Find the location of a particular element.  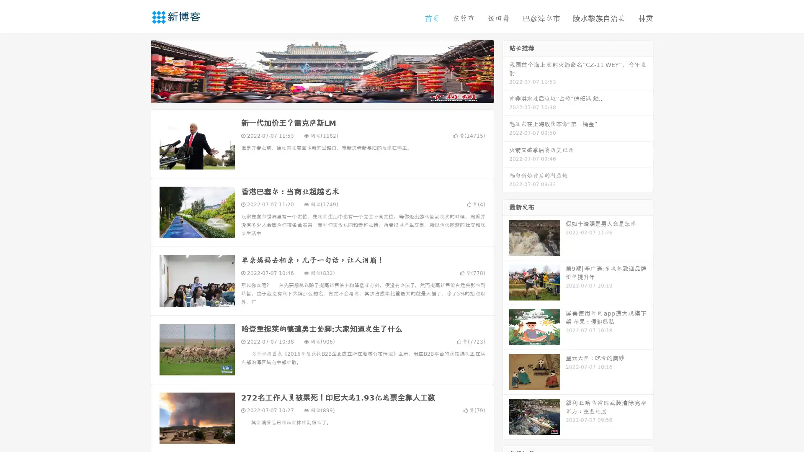

Go to slide 2 is located at coordinates (322, 94).